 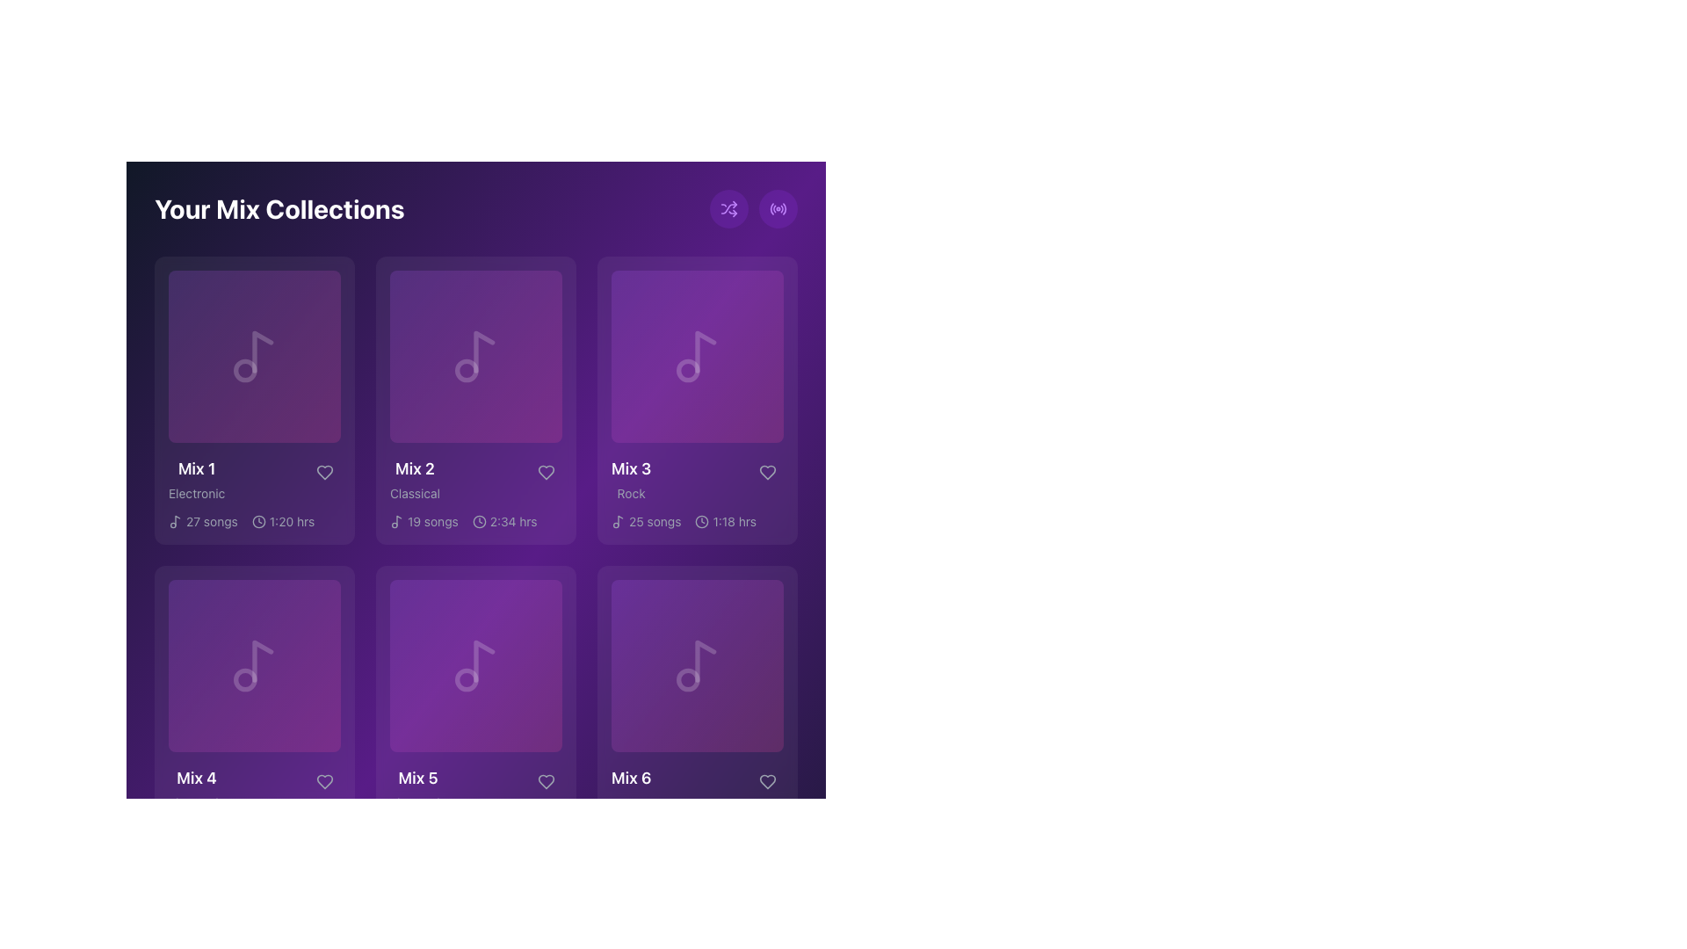 What do you see at coordinates (455, 899) in the screenshot?
I see `the rounded button labeled '2' located at the bottom center of the interface to trigger interaction effects` at bounding box center [455, 899].